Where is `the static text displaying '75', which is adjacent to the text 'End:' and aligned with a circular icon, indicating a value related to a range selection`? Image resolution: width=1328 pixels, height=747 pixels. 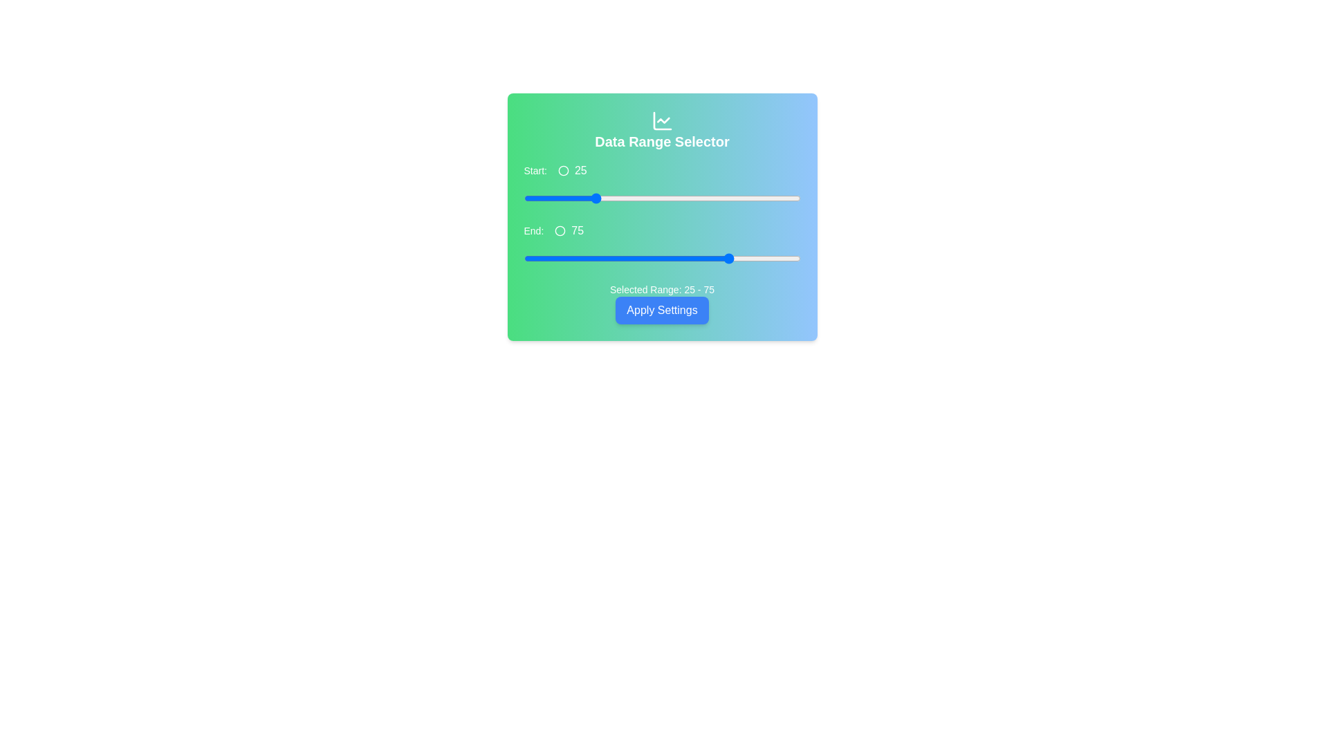 the static text displaying '75', which is adjacent to the text 'End:' and aligned with a circular icon, indicating a value related to a range selection is located at coordinates (578, 230).